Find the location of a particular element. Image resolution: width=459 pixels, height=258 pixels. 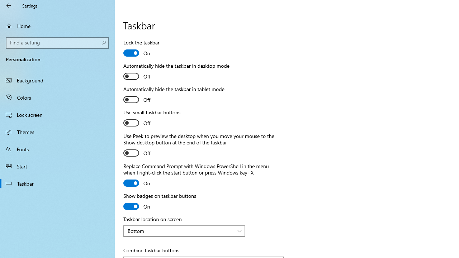

'Taskbar location on screen' is located at coordinates (184, 231).